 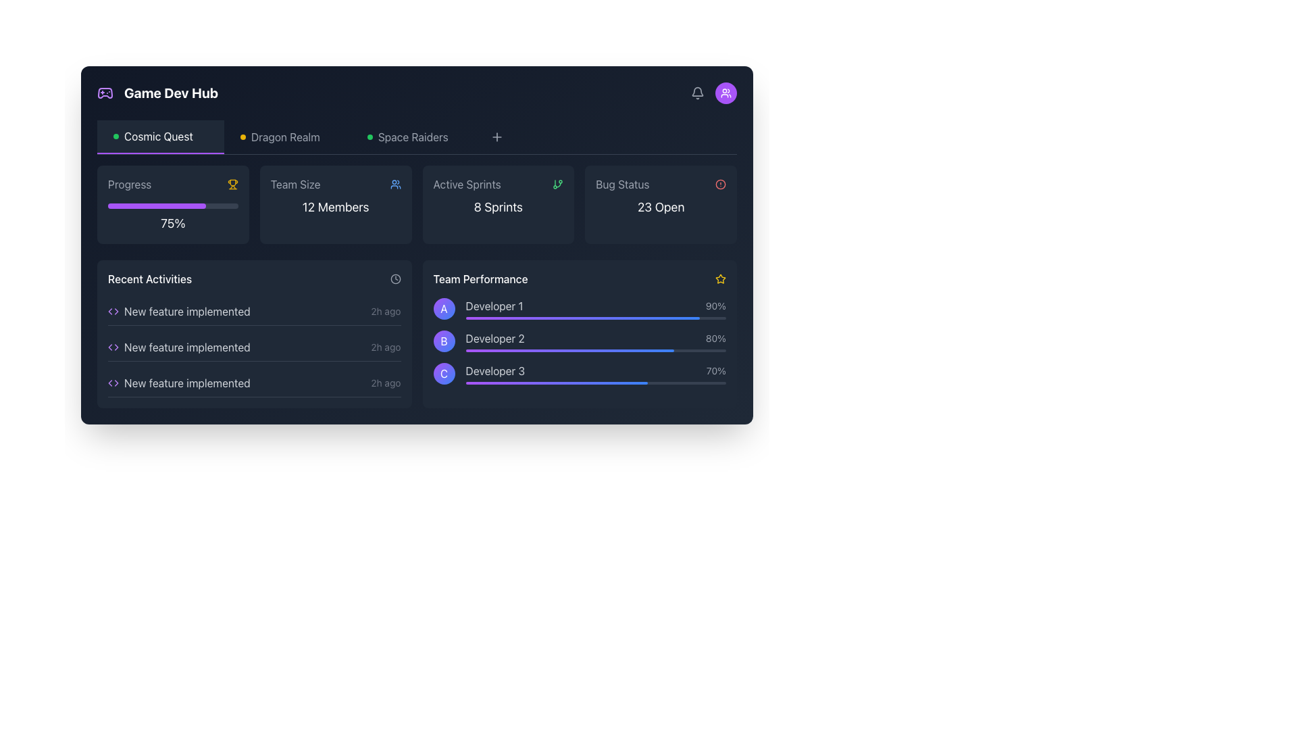 What do you see at coordinates (172, 205) in the screenshot?
I see `the progress bar that visually represents 75% completion, located centrally under the title 'Progress' and the trophy icon` at bounding box center [172, 205].